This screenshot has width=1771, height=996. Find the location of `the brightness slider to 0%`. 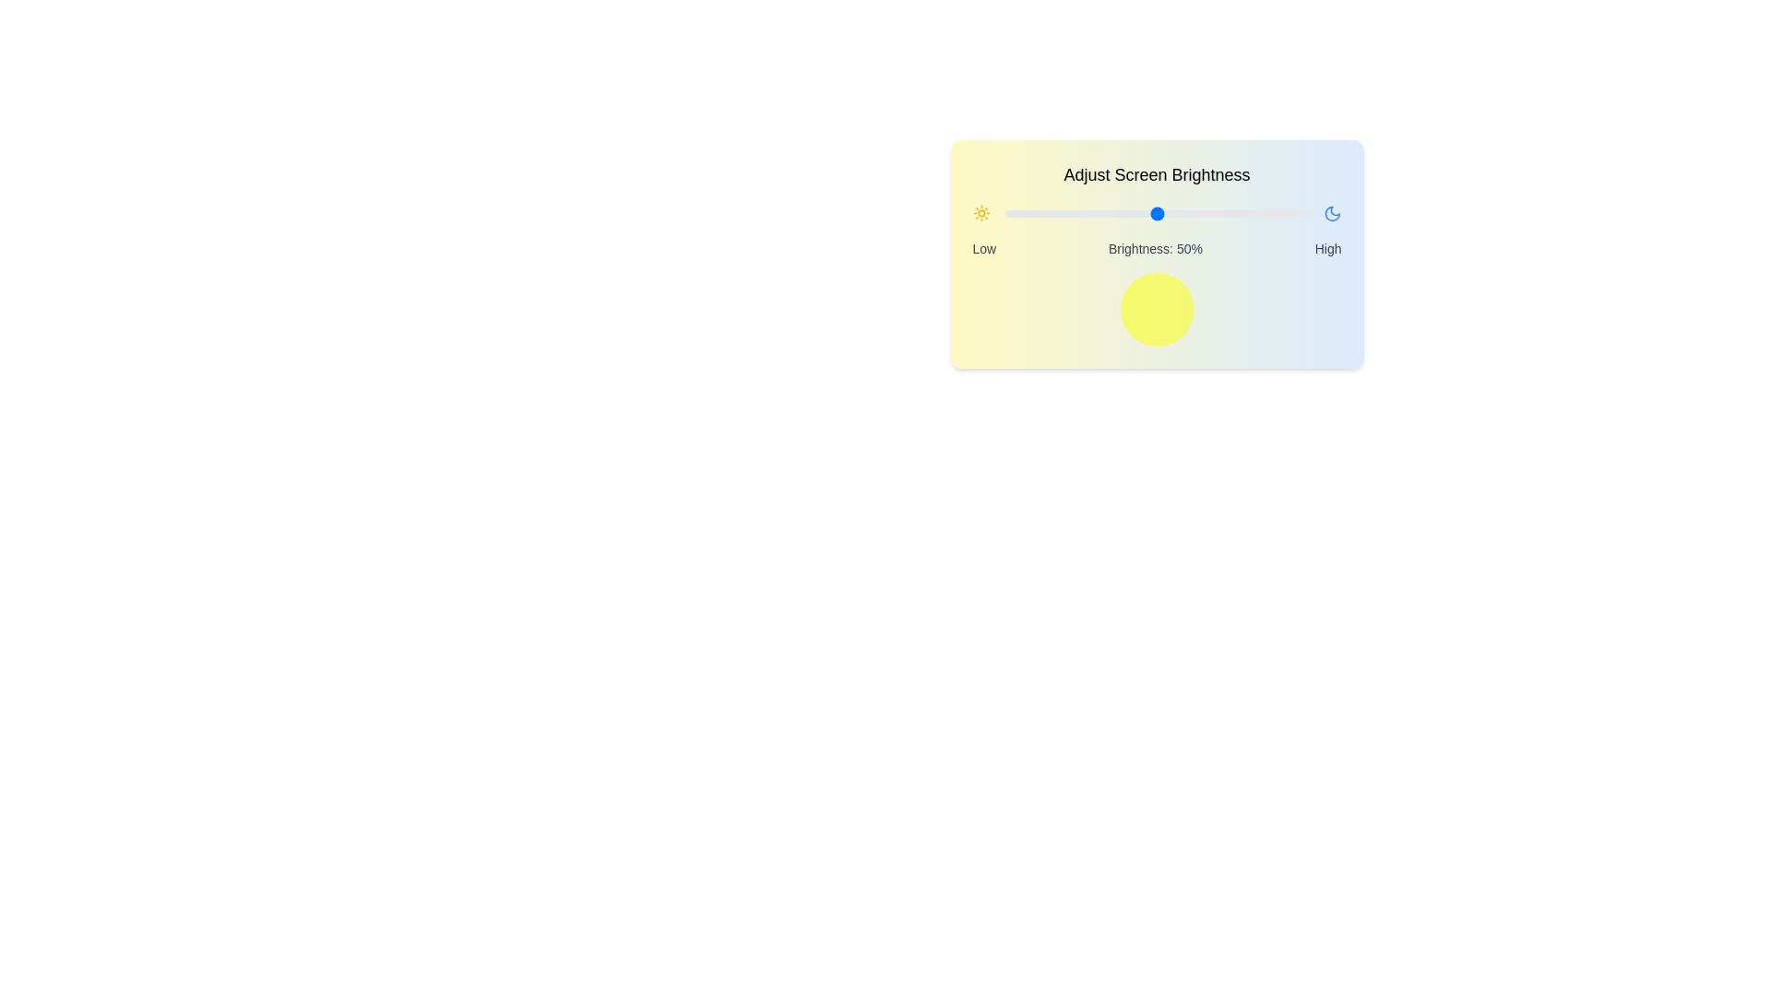

the brightness slider to 0% is located at coordinates (1004, 212).